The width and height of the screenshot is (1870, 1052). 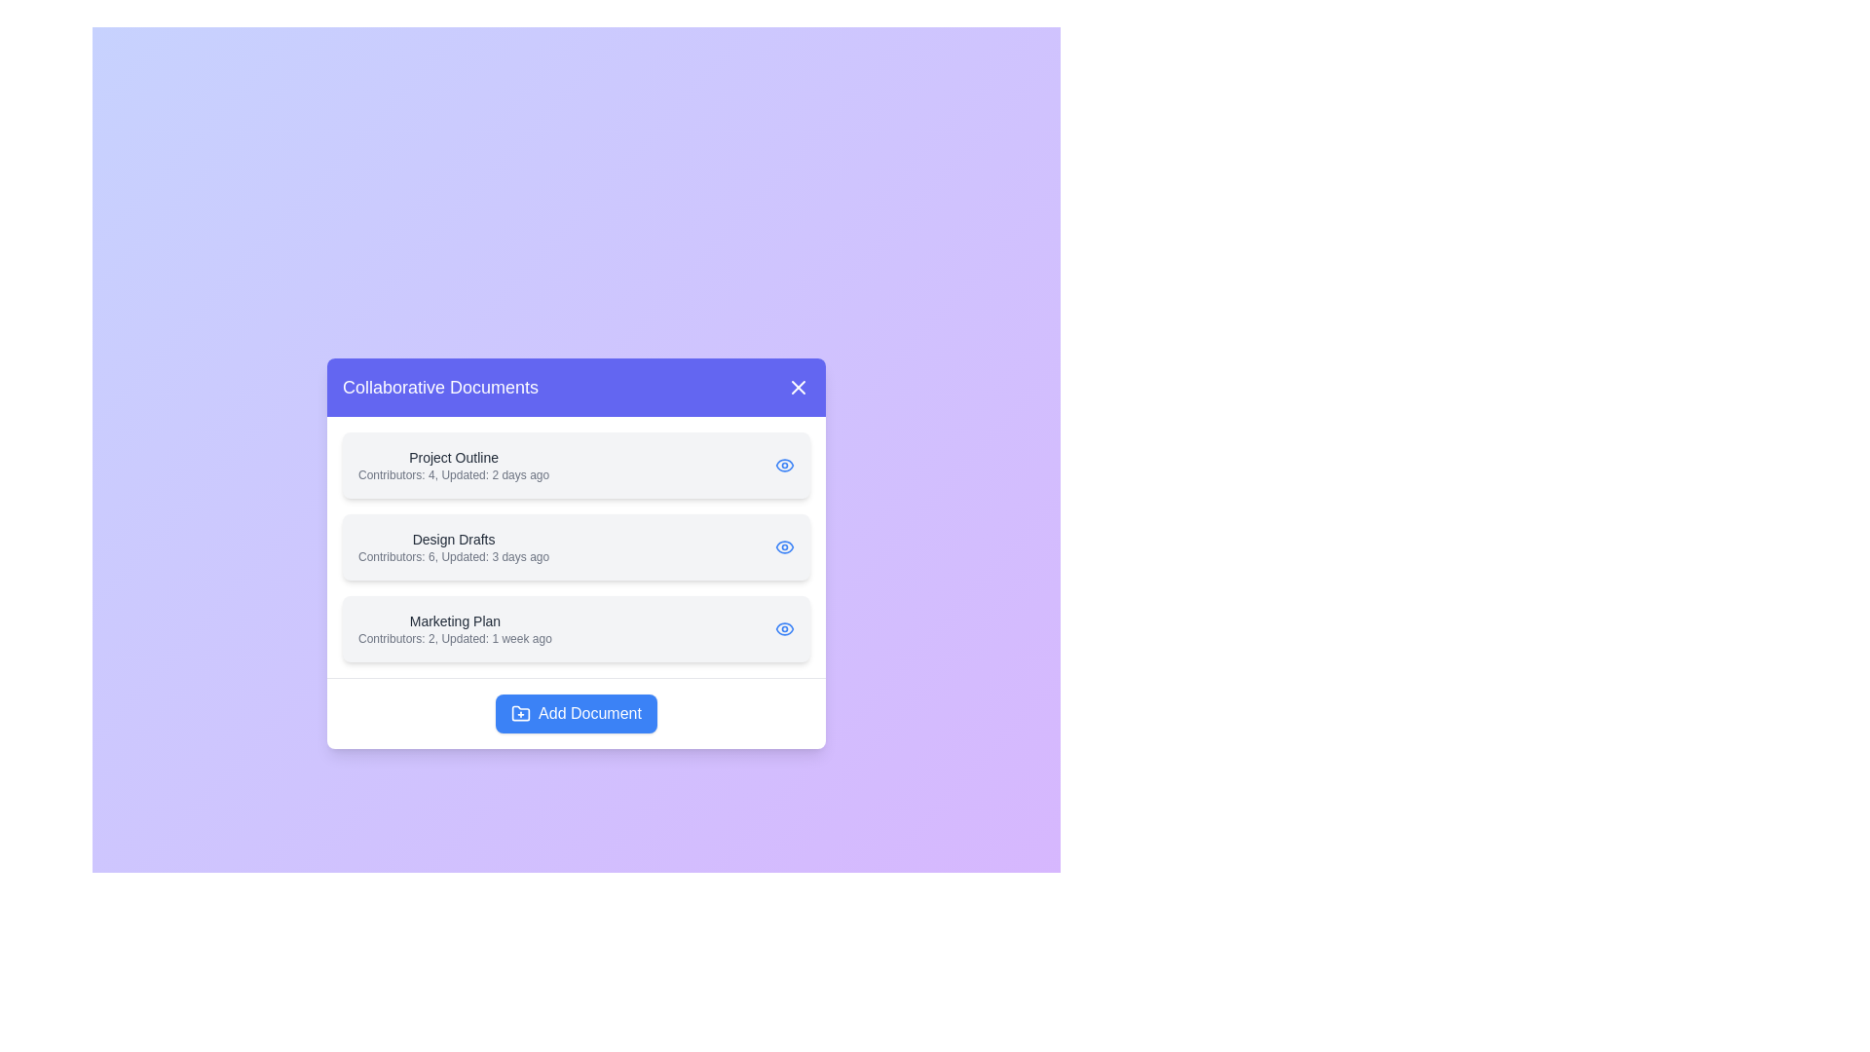 I want to click on the eye icon next to the document titled Marketing Plan to view its details, so click(x=785, y=628).